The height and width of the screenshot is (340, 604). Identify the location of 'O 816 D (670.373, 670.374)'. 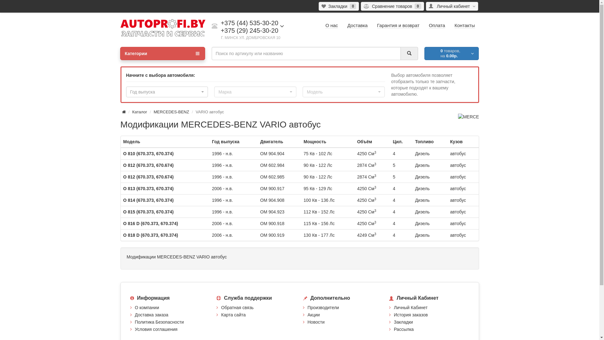
(150, 223).